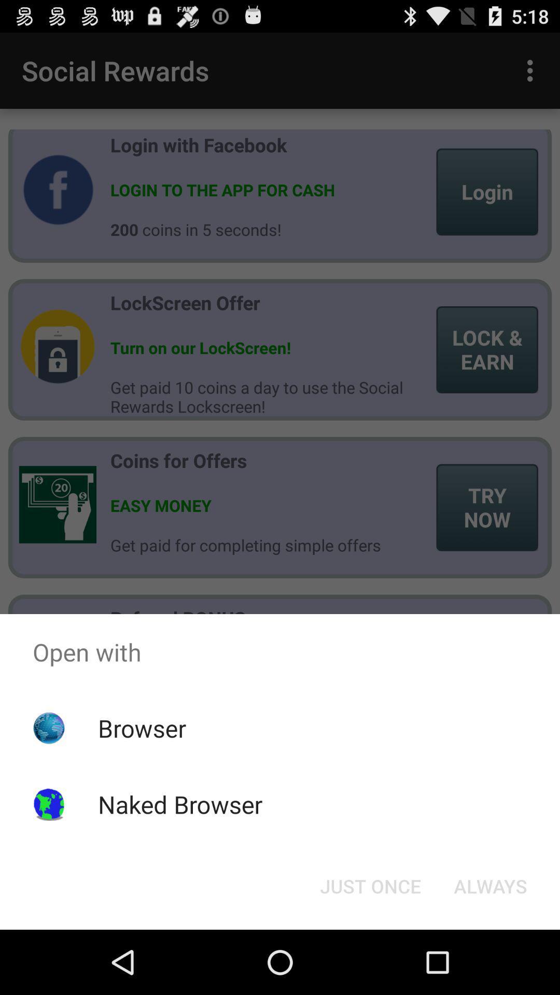  I want to click on always at the bottom right corner, so click(490, 885).